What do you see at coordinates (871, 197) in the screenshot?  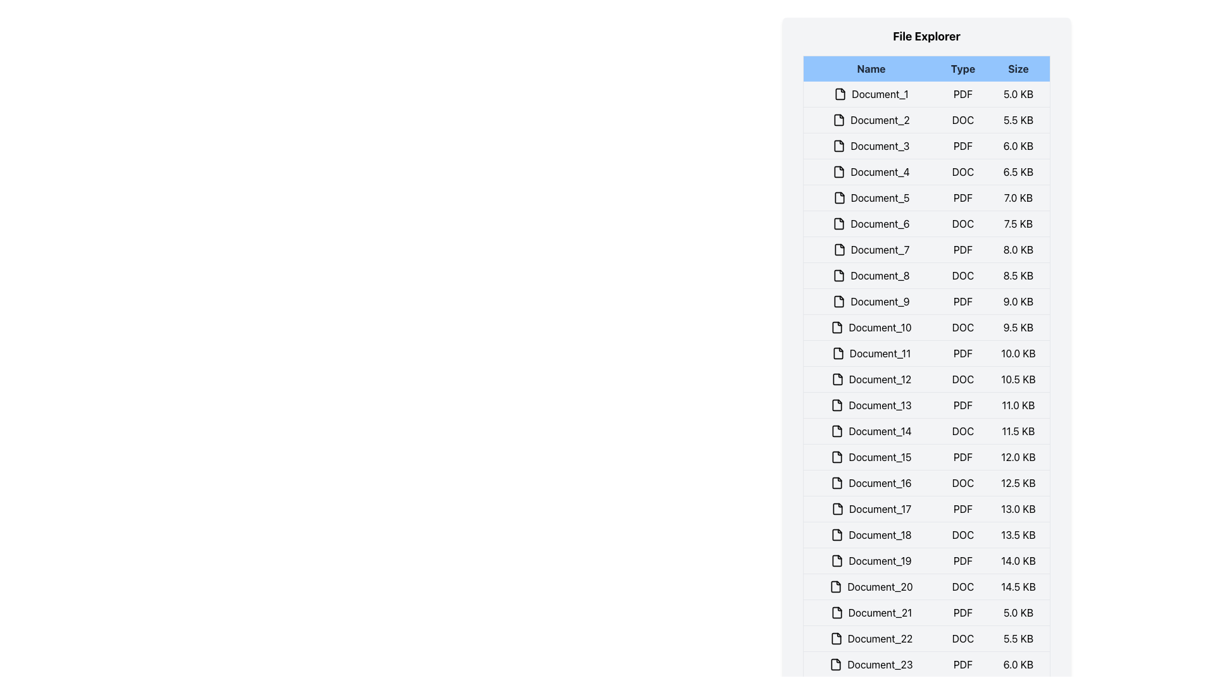 I see `the label for the file named 'Document_5'` at bounding box center [871, 197].